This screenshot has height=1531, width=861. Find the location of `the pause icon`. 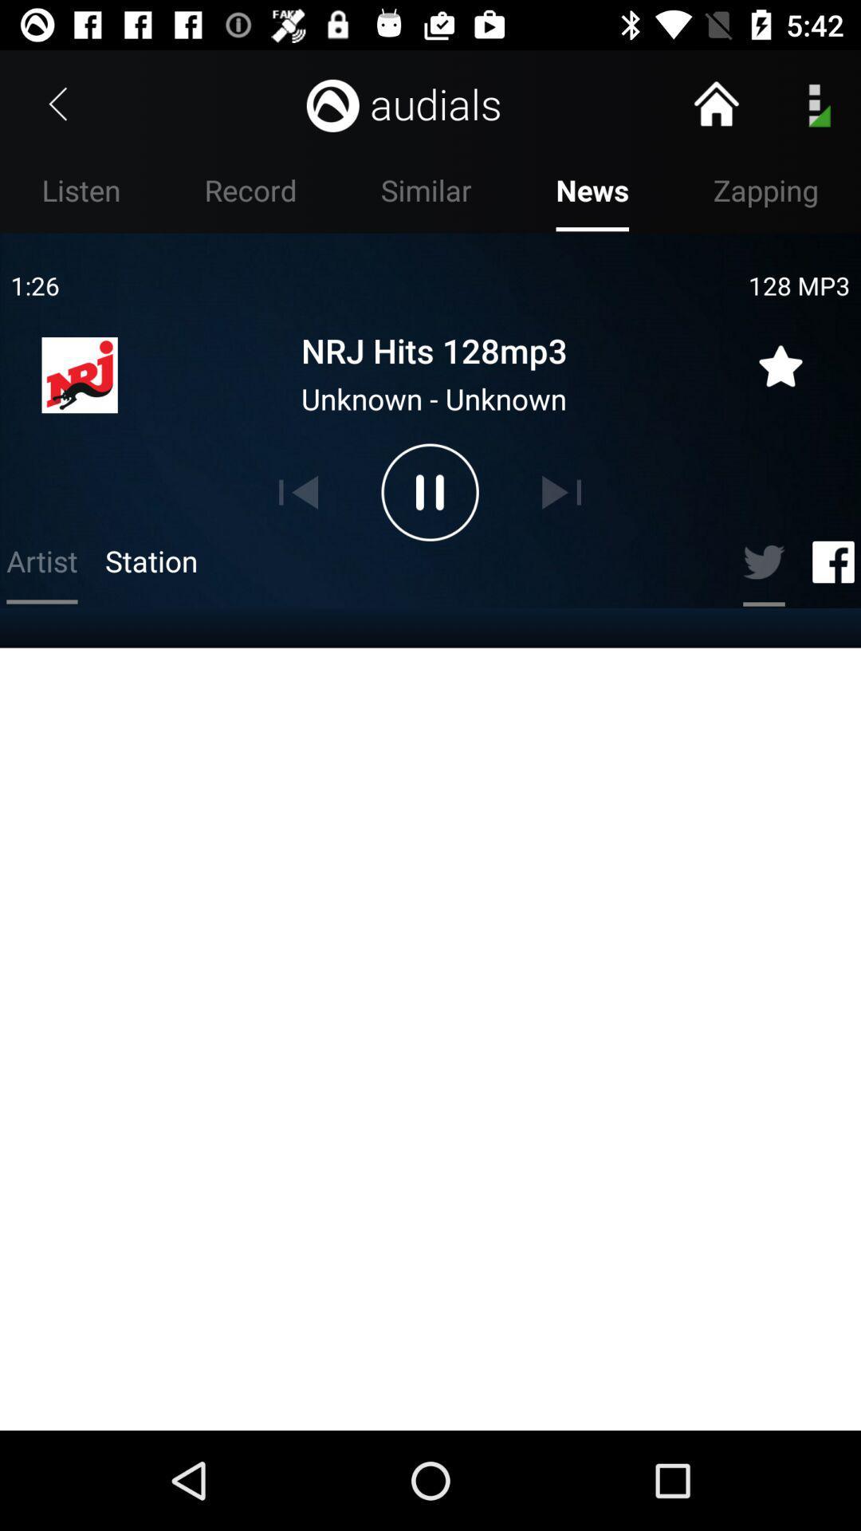

the pause icon is located at coordinates (429, 491).